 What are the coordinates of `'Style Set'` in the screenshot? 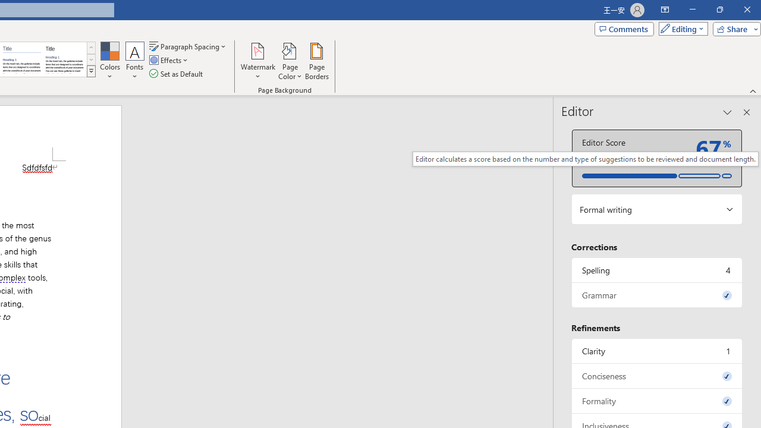 It's located at (90, 71).